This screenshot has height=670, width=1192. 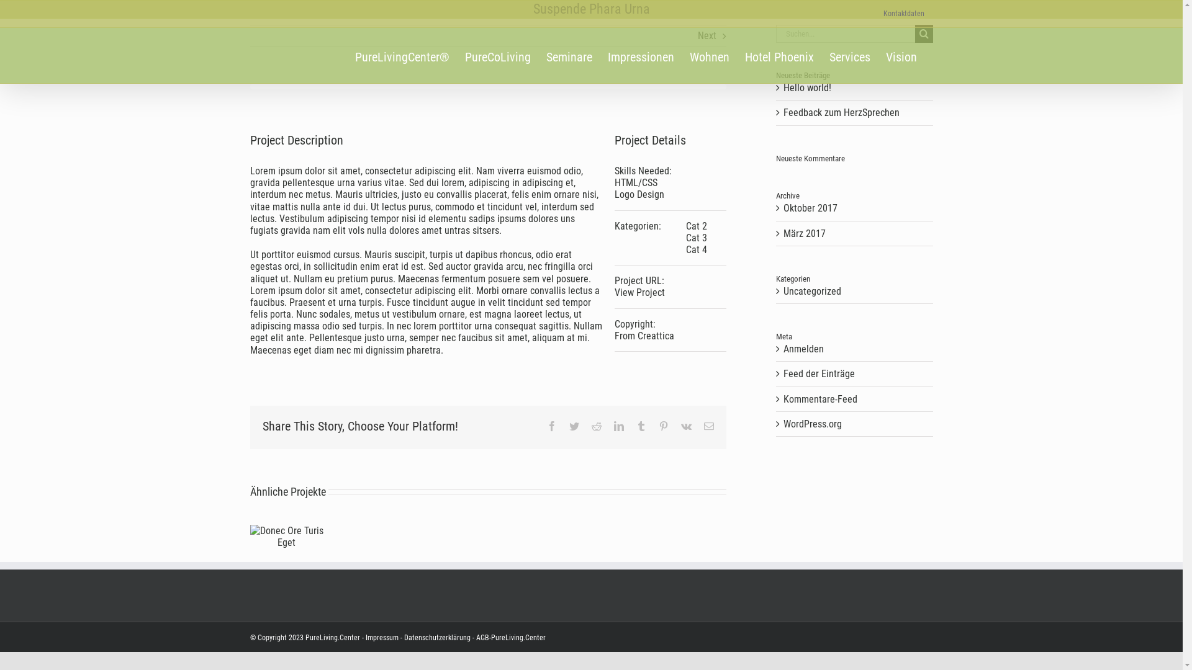 What do you see at coordinates (685, 425) in the screenshot?
I see `'Vk'` at bounding box center [685, 425].